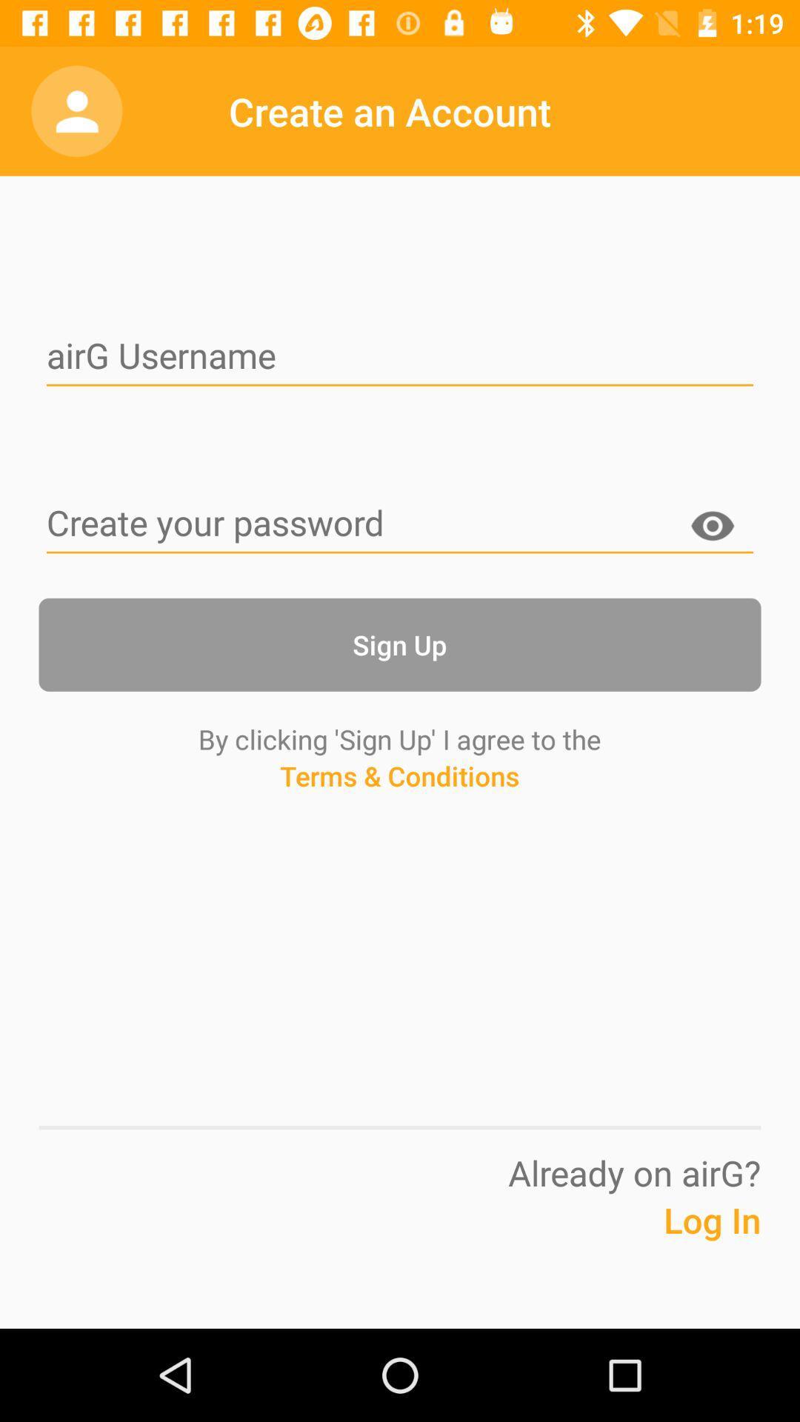 Image resolution: width=800 pixels, height=1422 pixels. Describe the element at coordinates (400, 524) in the screenshot. I see `the password` at that location.